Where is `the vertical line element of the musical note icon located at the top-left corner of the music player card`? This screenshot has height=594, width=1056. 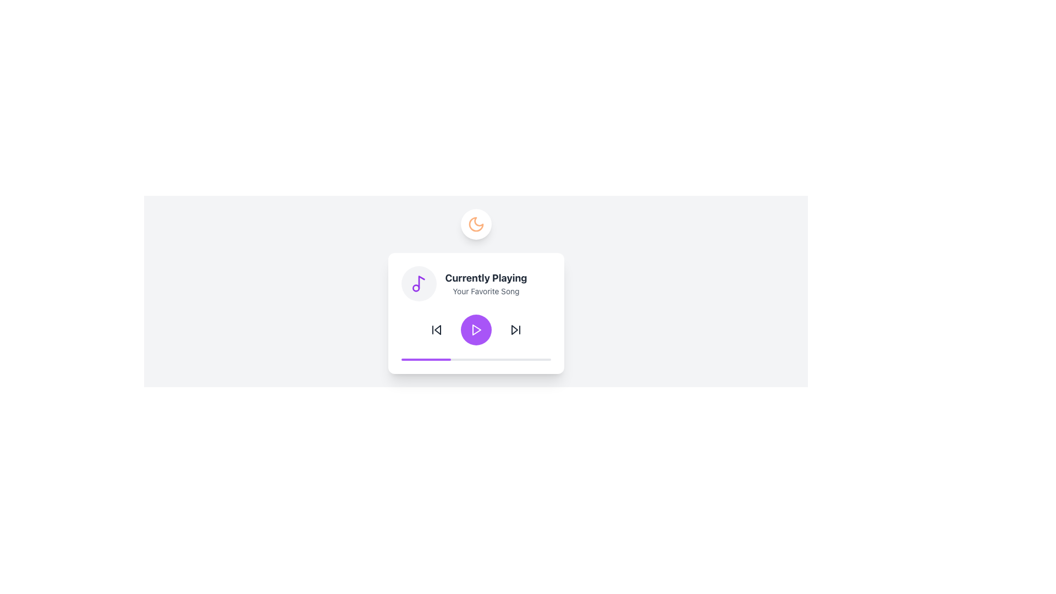
the vertical line element of the musical note icon located at the top-left corner of the music player card is located at coordinates (421, 282).